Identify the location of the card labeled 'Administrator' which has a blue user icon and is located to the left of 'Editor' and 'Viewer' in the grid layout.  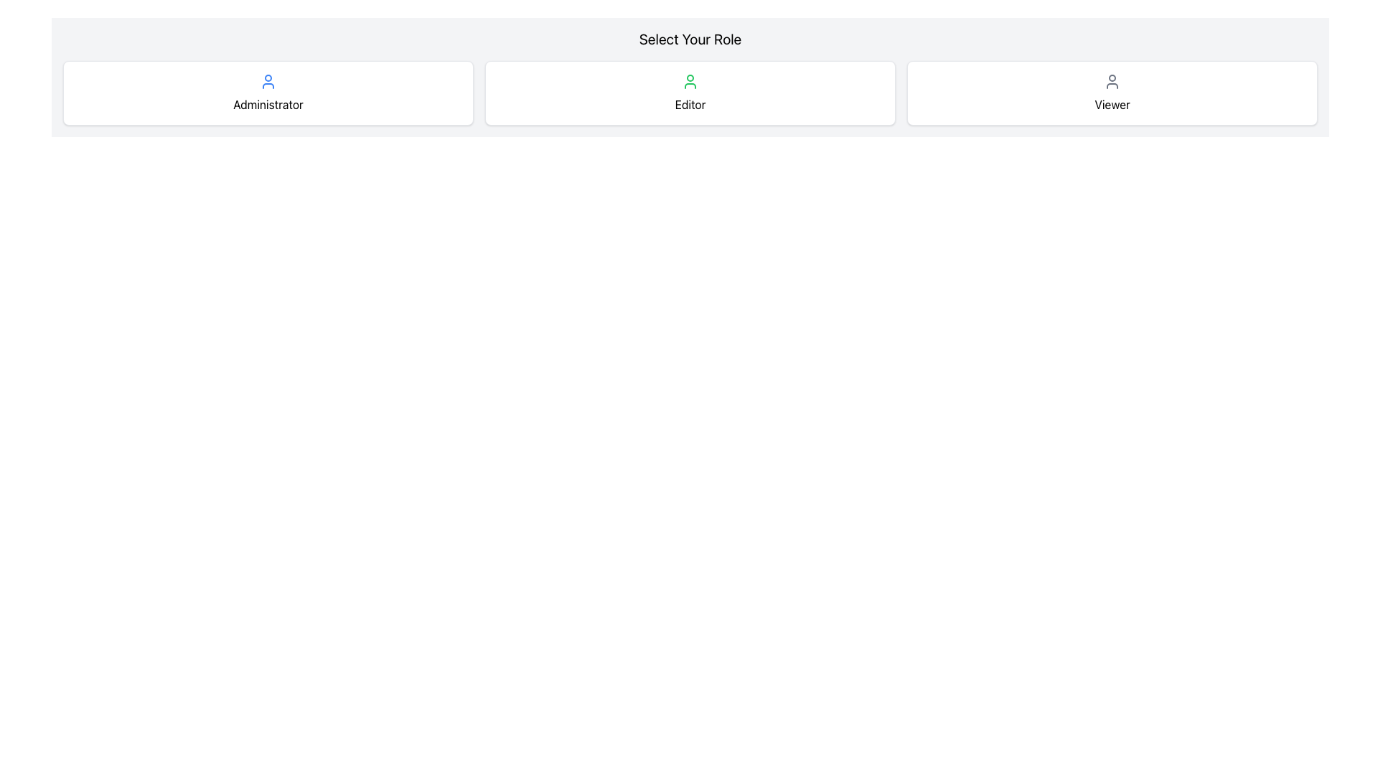
(268, 93).